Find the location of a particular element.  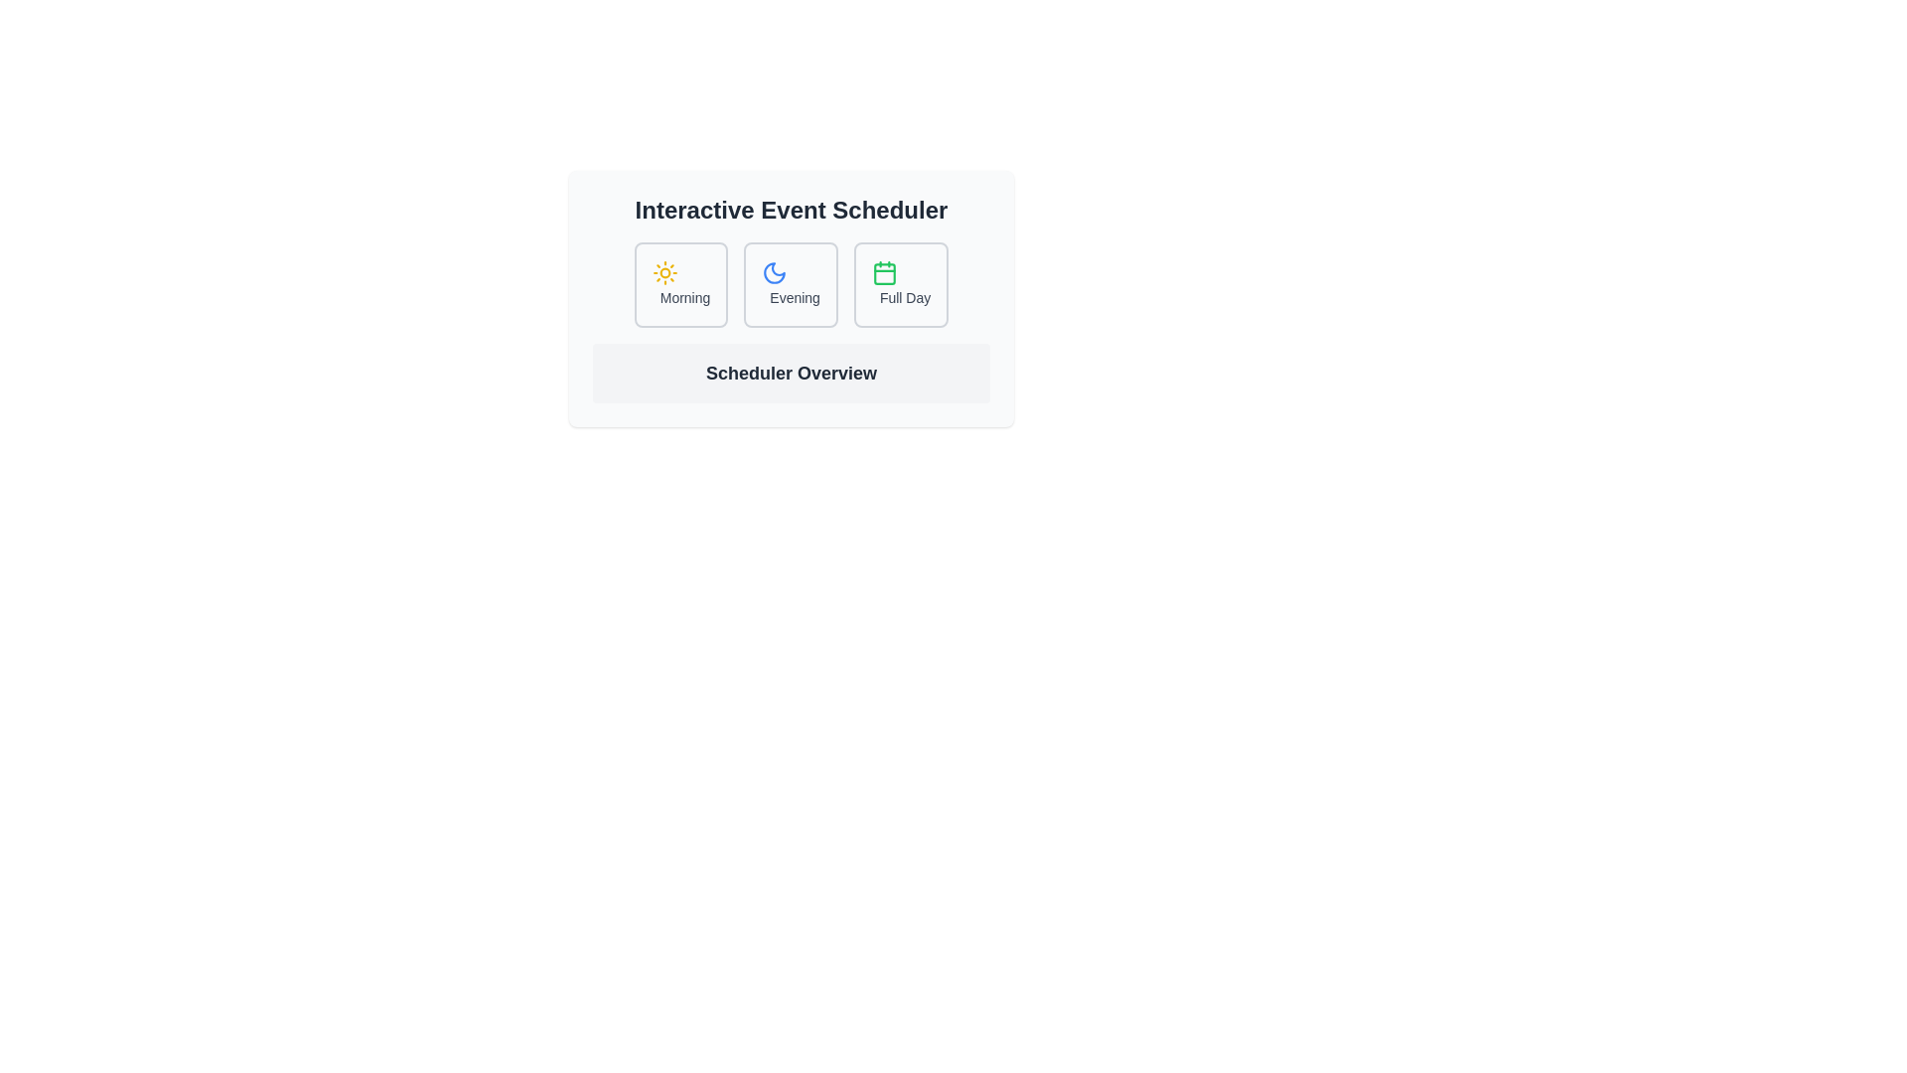

the 'Evening' button, which is the second button from the left in a row of three, located between the 'Morning' and 'Full Day' buttons is located at coordinates (790, 284).